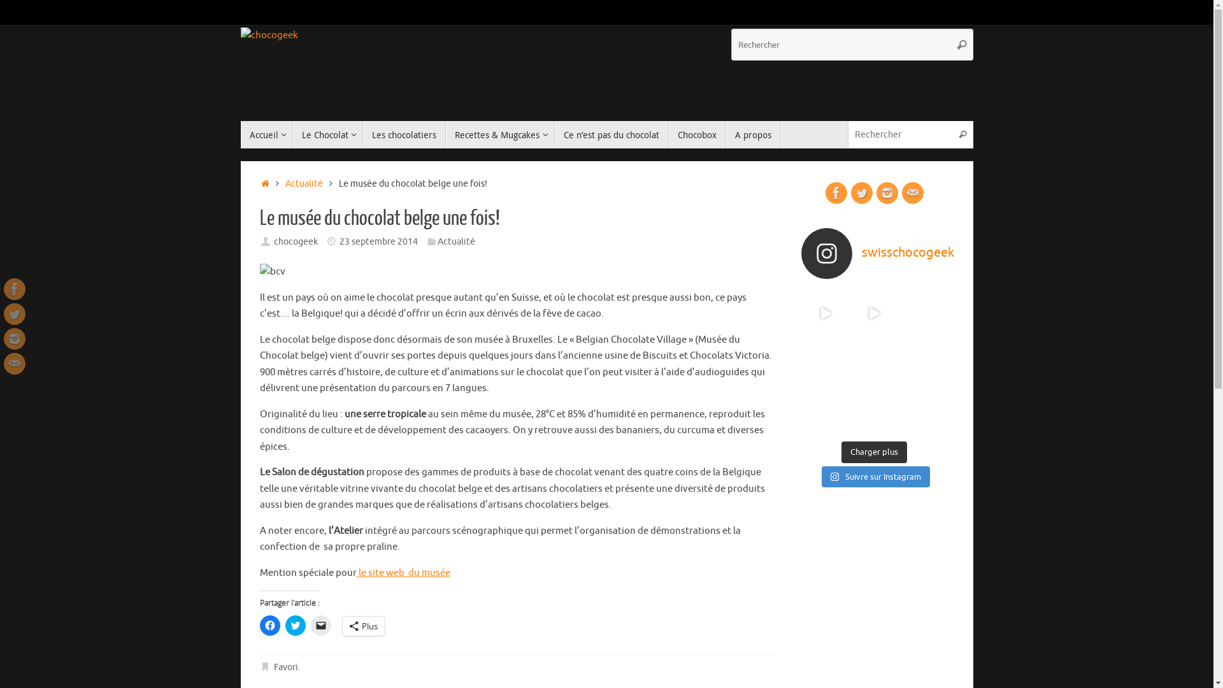 The width and height of the screenshot is (1223, 688). Describe the element at coordinates (875, 477) in the screenshot. I see `'Suivre sur Instagram'` at that location.